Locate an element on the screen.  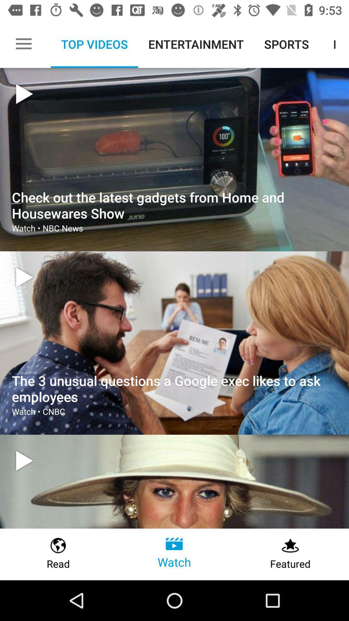
video icon is located at coordinates (24, 277).